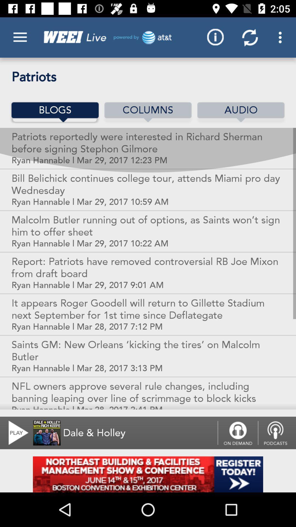  Describe the element at coordinates (15, 433) in the screenshot. I see `the play icon` at that location.